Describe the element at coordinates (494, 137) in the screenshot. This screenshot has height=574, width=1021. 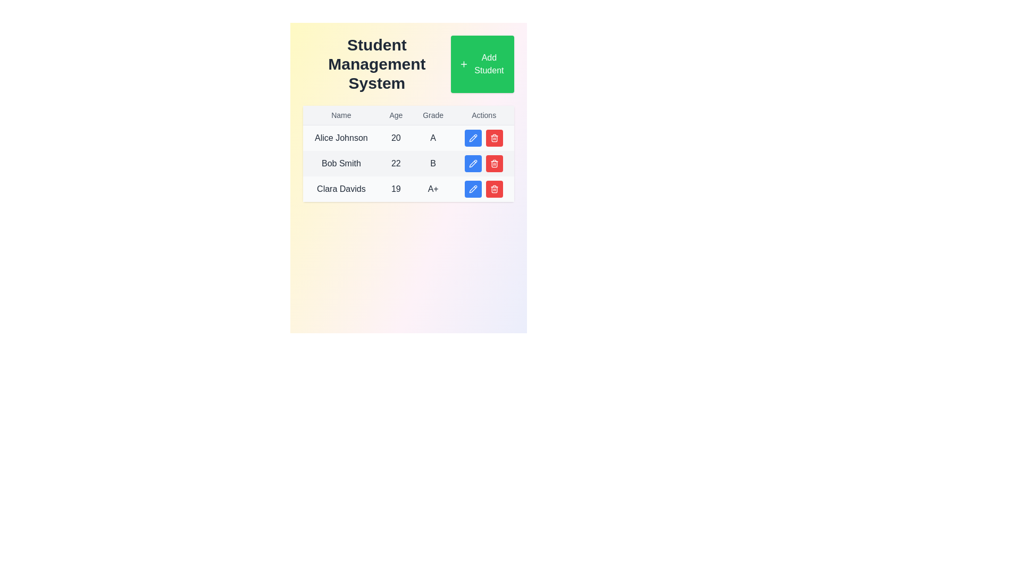
I see `the rounded red button with a white trash can icon` at that location.